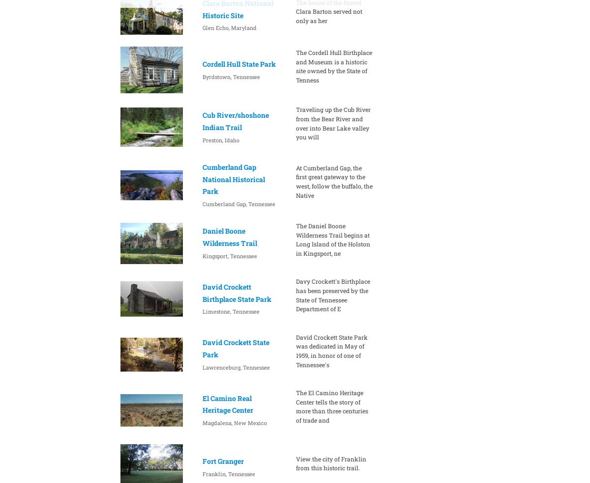  I want to click on 'The Daniel Boone Wilderness Trail begins at Long Island of the Holston in Kingsport, ne', so click(332, 239).